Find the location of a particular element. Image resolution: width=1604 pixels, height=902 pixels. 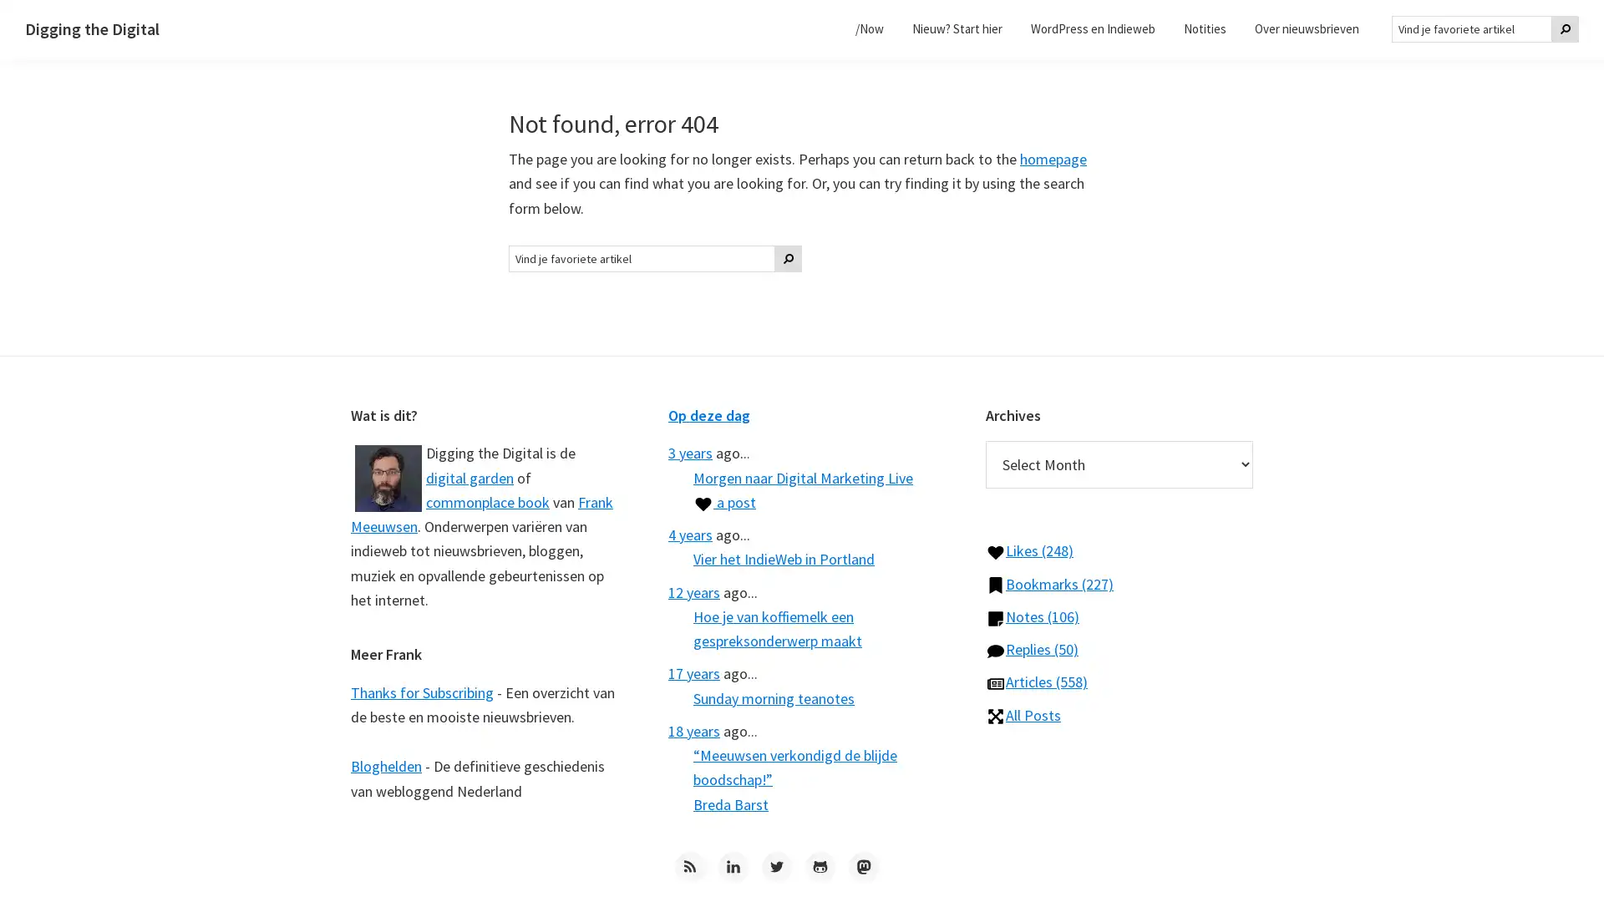

Search is located at coordinates (788, 257).